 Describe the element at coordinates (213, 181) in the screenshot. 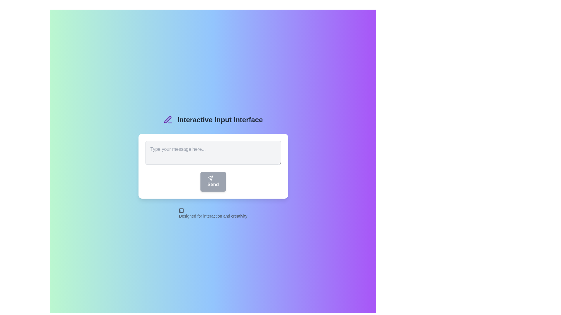

I see `the 'Send' button, which is a light gray rectangular button with rounded corners, displaying a white paper airplane icon and the word 'Send' in bold white font` at that location.